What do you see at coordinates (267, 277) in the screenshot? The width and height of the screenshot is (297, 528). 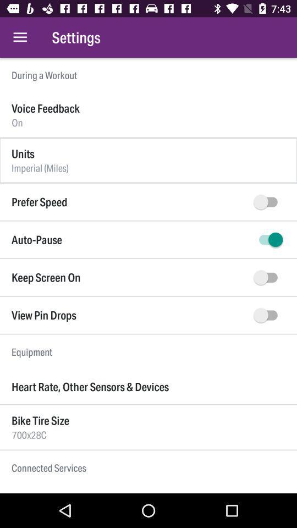 I see `keep the screen on` at bounding box center [267, 277].